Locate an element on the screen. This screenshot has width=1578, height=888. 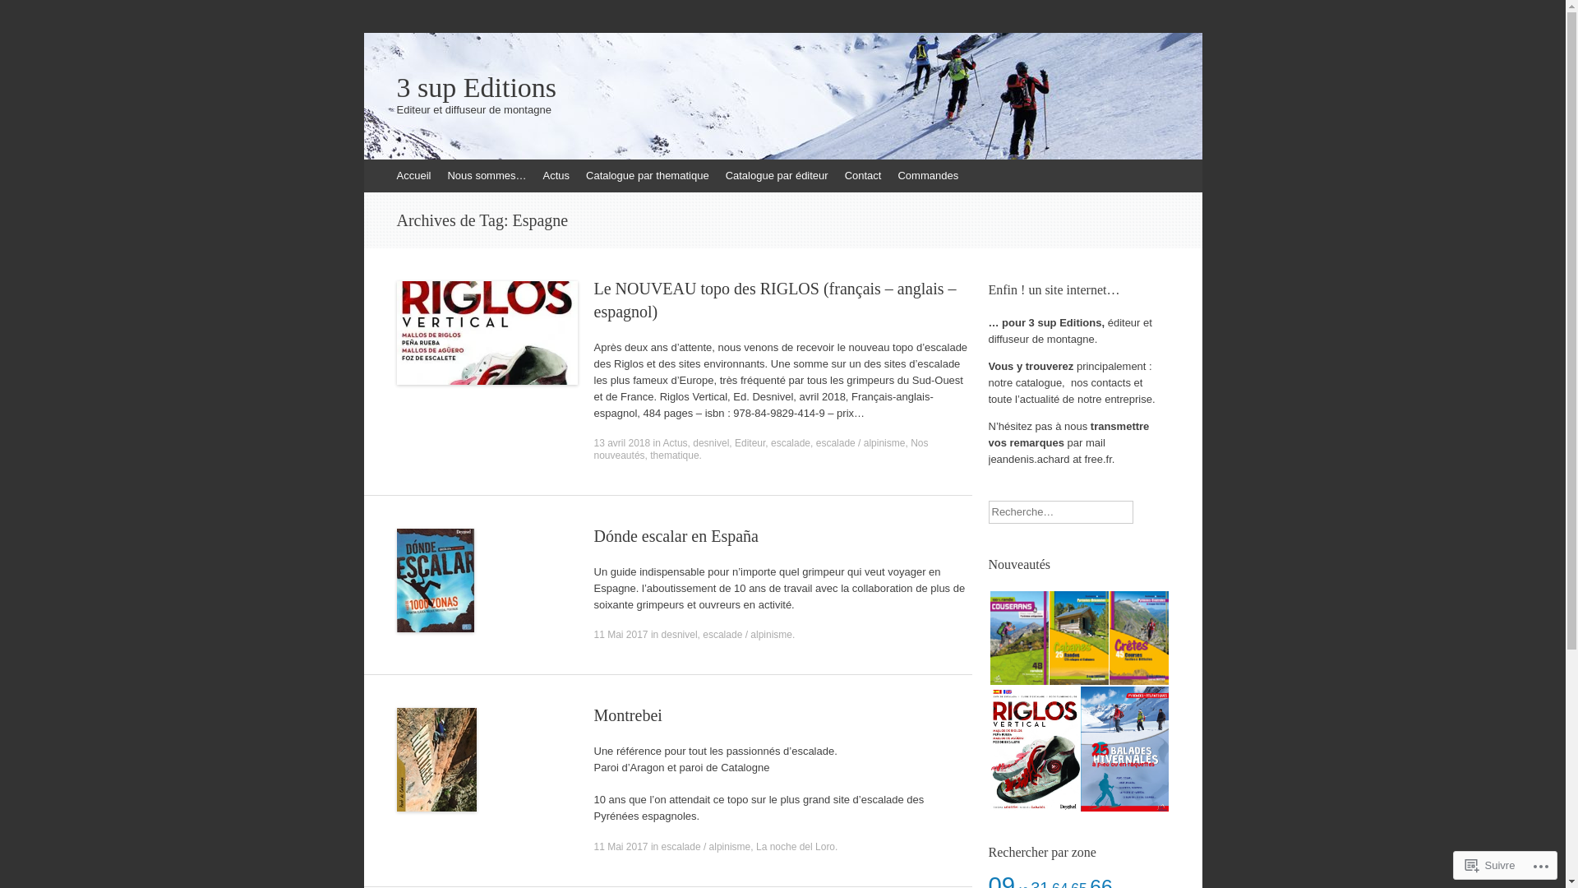
'3 sup Editions' is located at coordinates (781, 88).